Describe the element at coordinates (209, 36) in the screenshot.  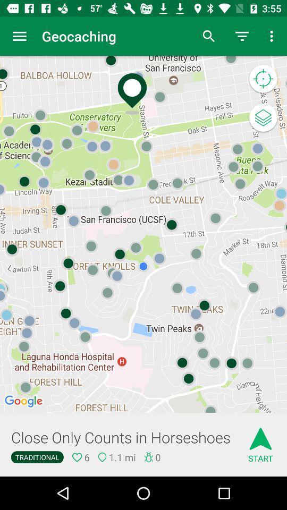
I see `the icon next to geocaching` at that location.